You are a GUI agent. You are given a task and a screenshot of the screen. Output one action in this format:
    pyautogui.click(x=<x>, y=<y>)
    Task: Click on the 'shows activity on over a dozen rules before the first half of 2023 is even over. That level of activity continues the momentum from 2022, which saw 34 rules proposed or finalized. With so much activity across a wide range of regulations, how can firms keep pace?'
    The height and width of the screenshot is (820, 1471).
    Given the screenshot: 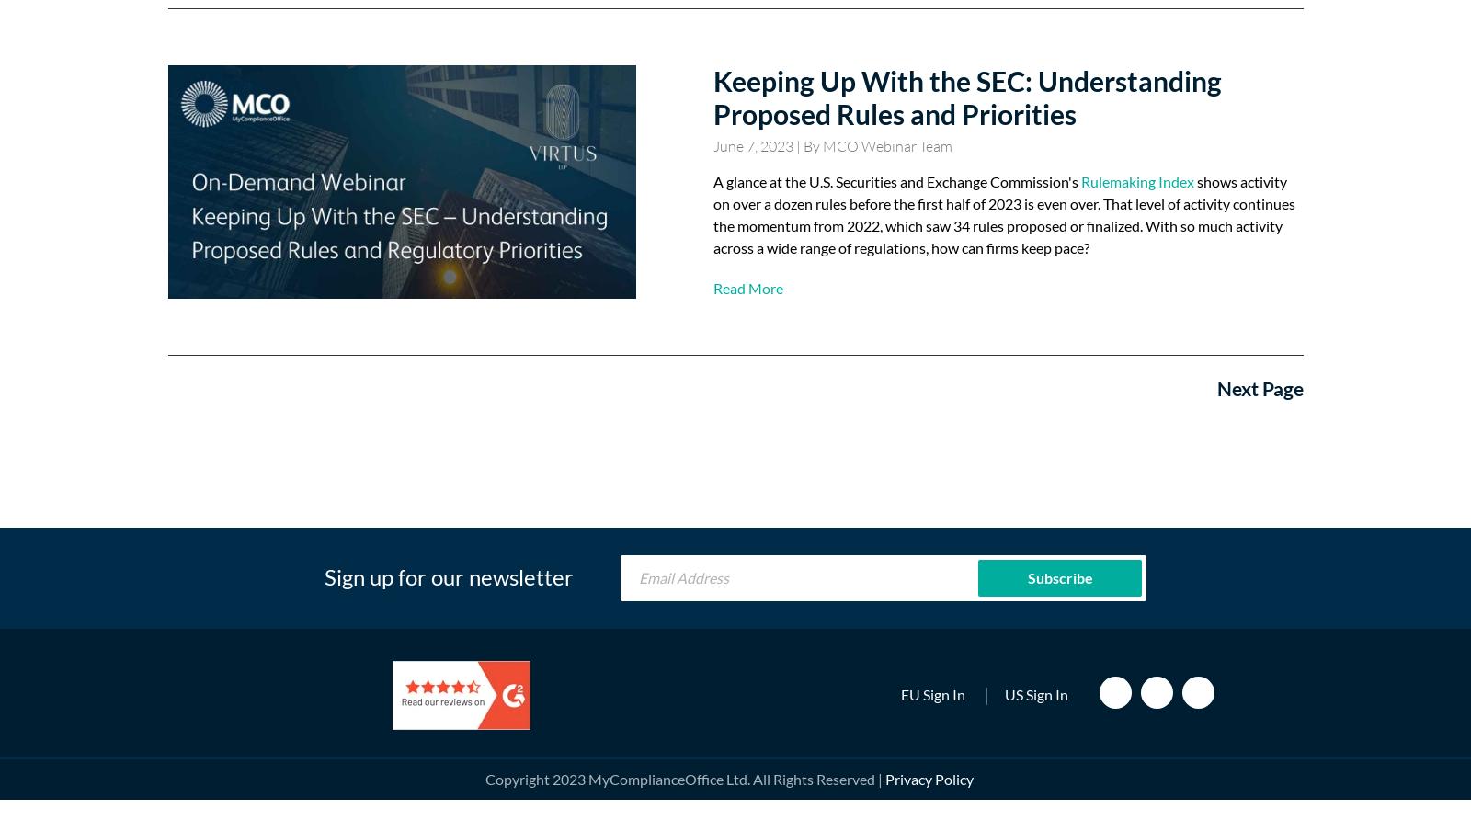 What is the action you would take?
    pyautogui.click(x=1003, y=214)
    